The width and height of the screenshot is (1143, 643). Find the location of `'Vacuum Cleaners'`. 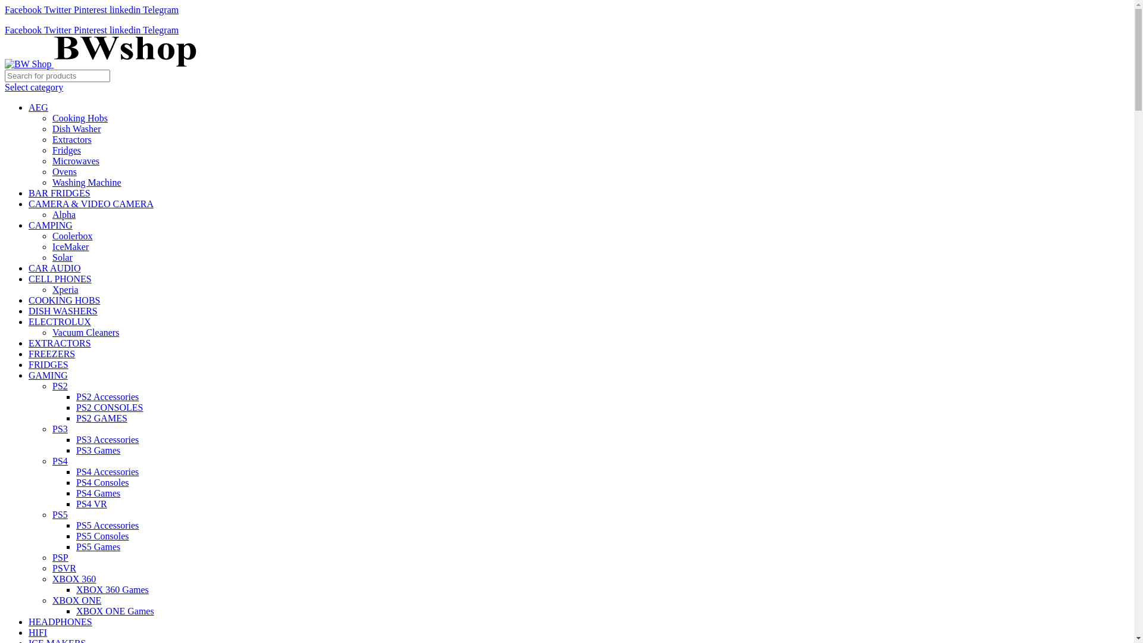

'Vacuum Cleaners' is located at coordinates (51, 332).